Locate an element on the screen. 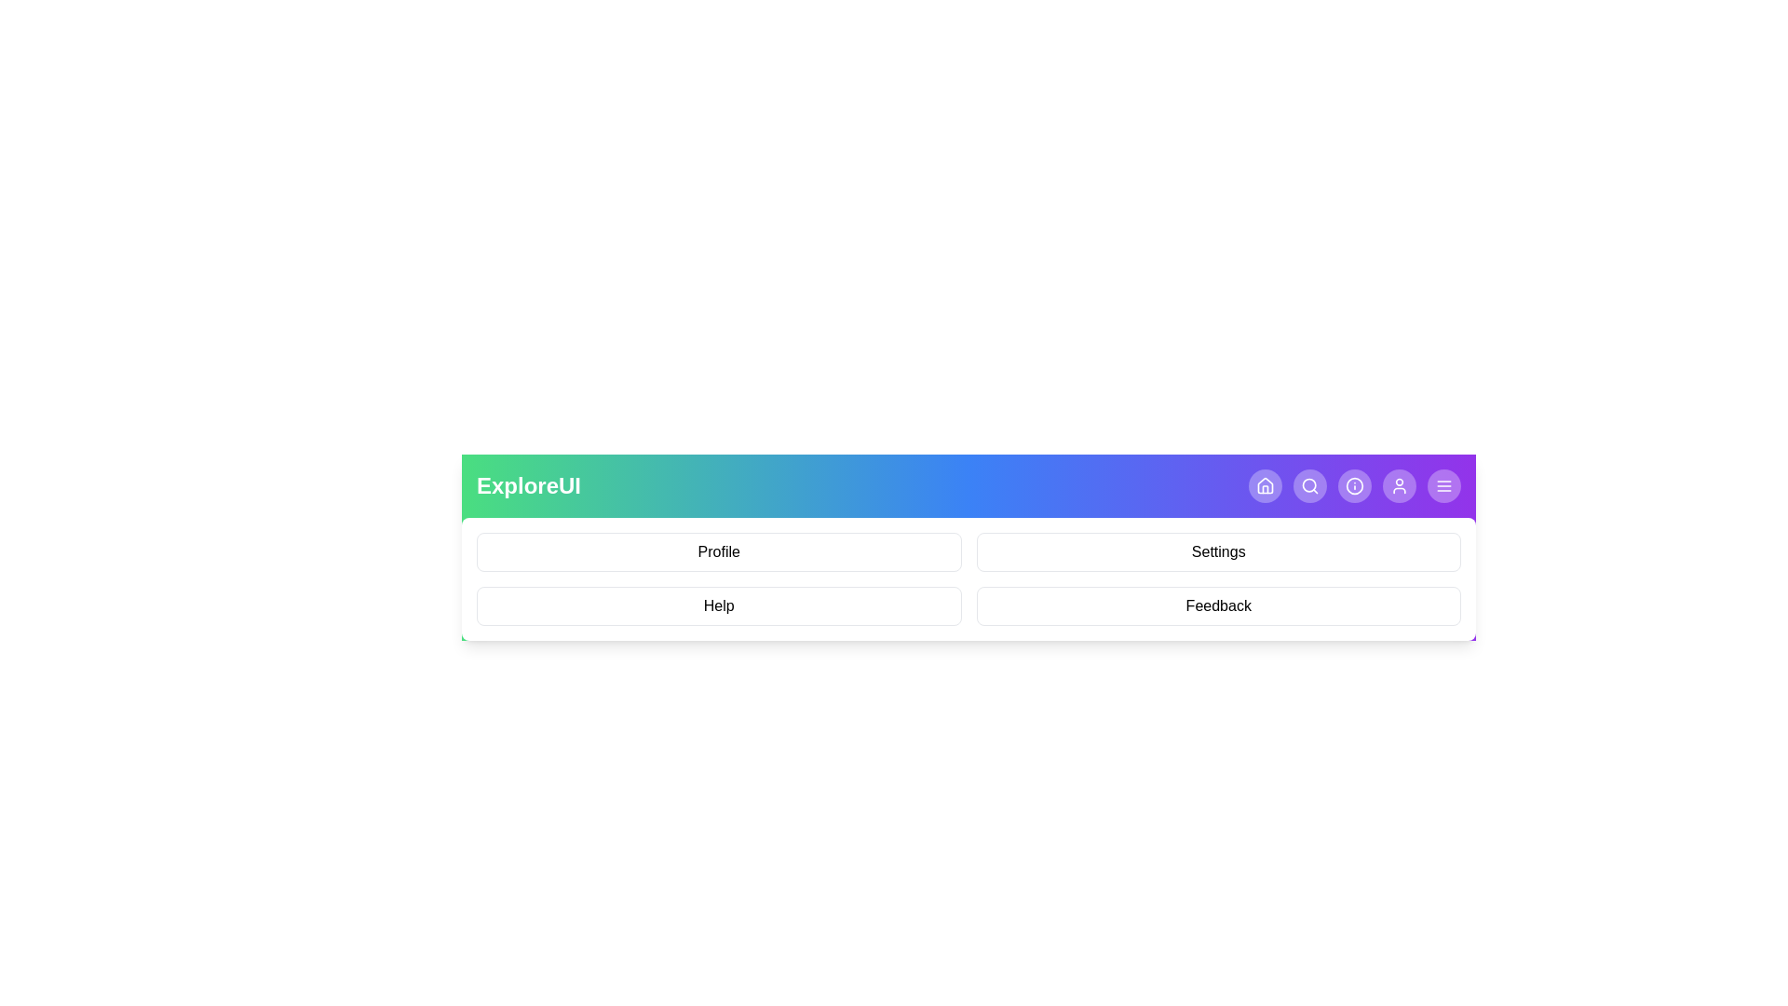  the menu item Profile from the displayed menu is located at coordinates (718, 551).